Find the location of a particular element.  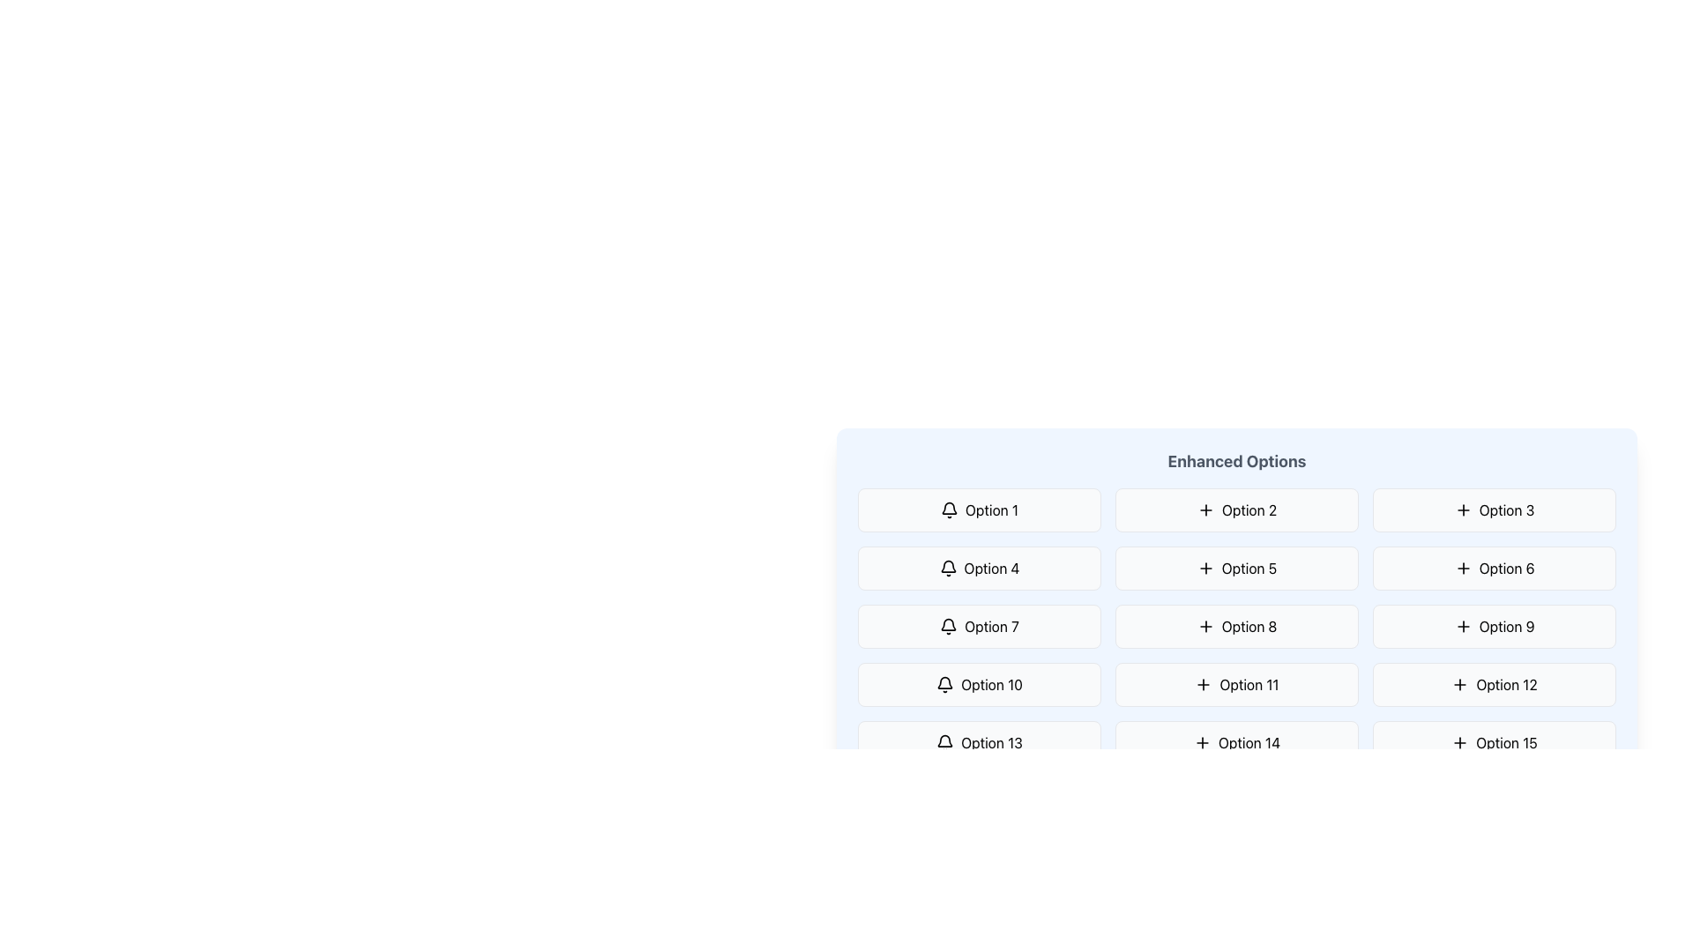

the notification icon located in the 'Option 4' button area, which is the second item in its column, to visually indicate an alert is located at coordinates (947, 566).